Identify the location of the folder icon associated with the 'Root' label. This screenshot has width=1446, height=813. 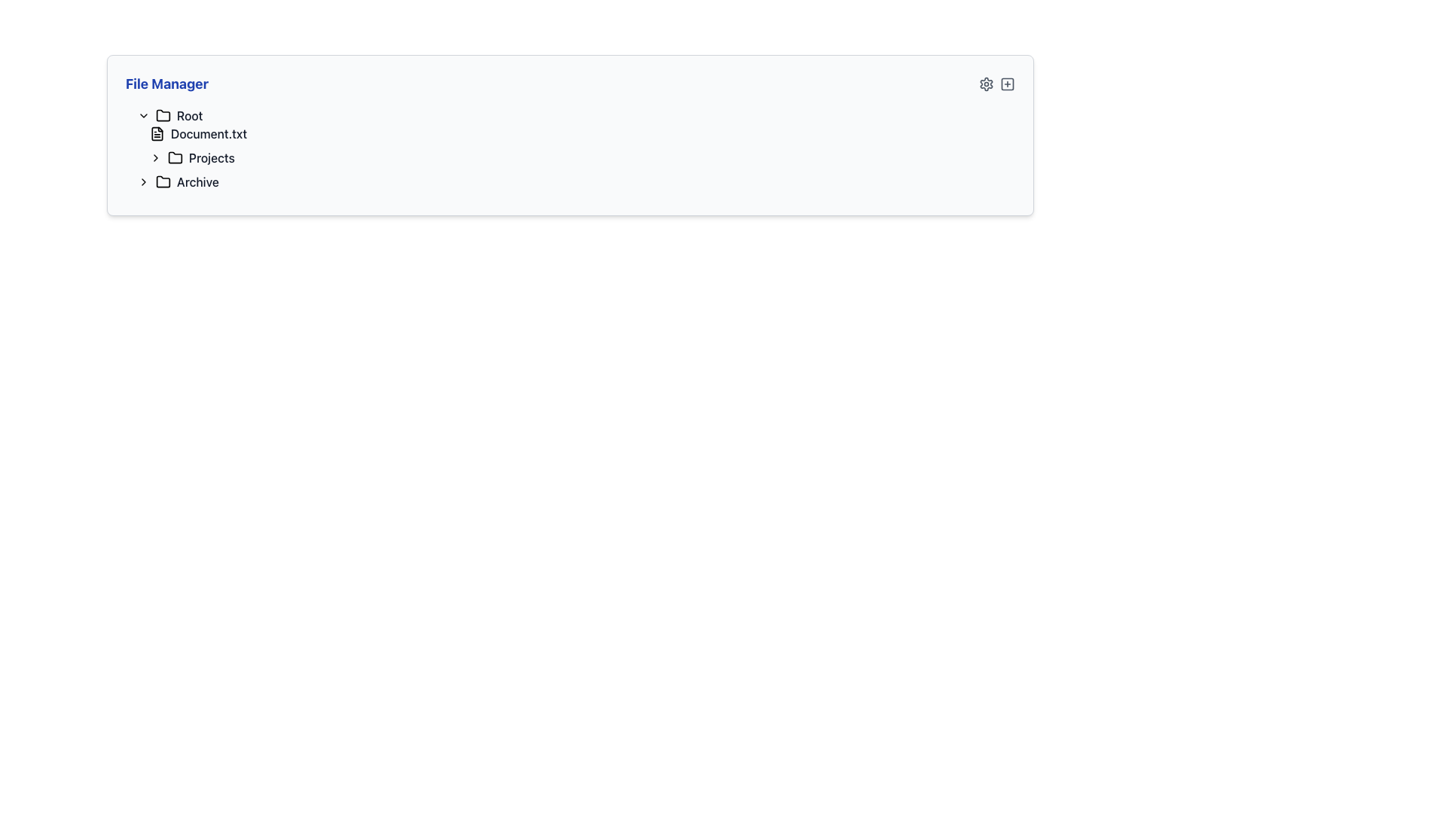
(163, 114).